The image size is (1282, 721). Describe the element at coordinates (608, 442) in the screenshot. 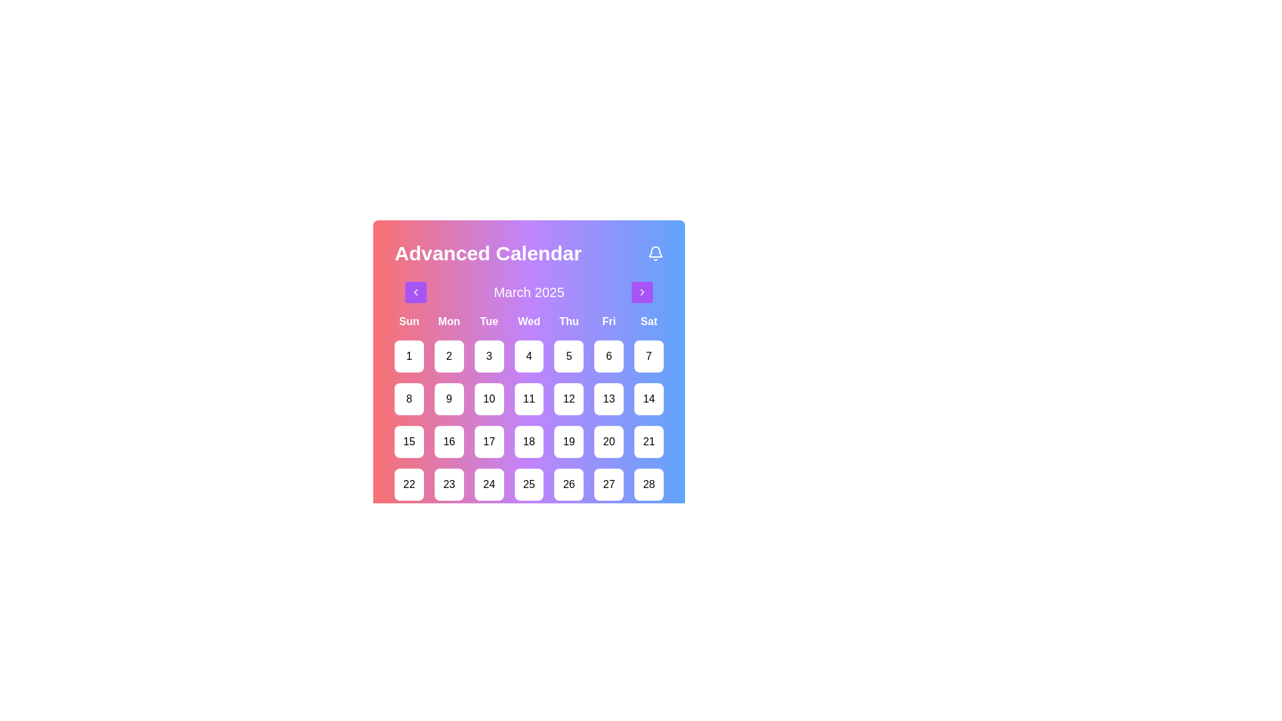

I see `the button representing the 20th day of the month in the calendar to trigger a style change` at that location.